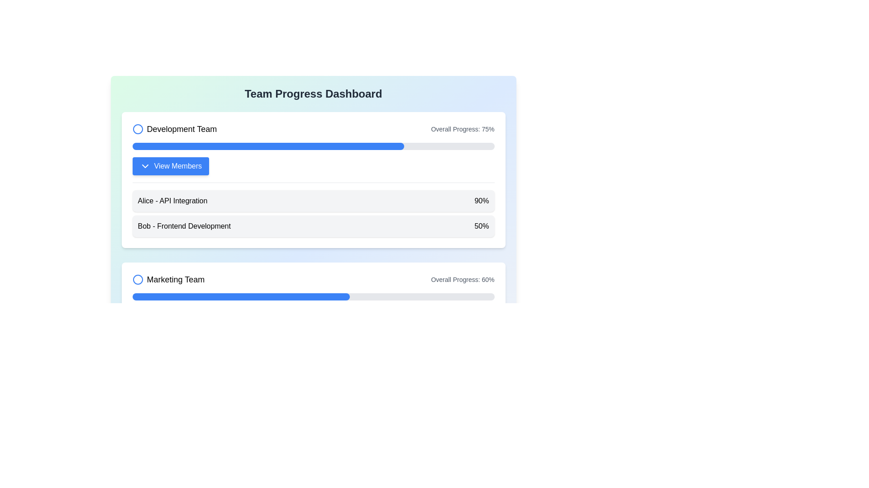 The image size is (869, 488). I want to click on the 'Marketing Team' label which features a circular blue icon on the left and prominently styled text aligned to its right, so click(168, 279).